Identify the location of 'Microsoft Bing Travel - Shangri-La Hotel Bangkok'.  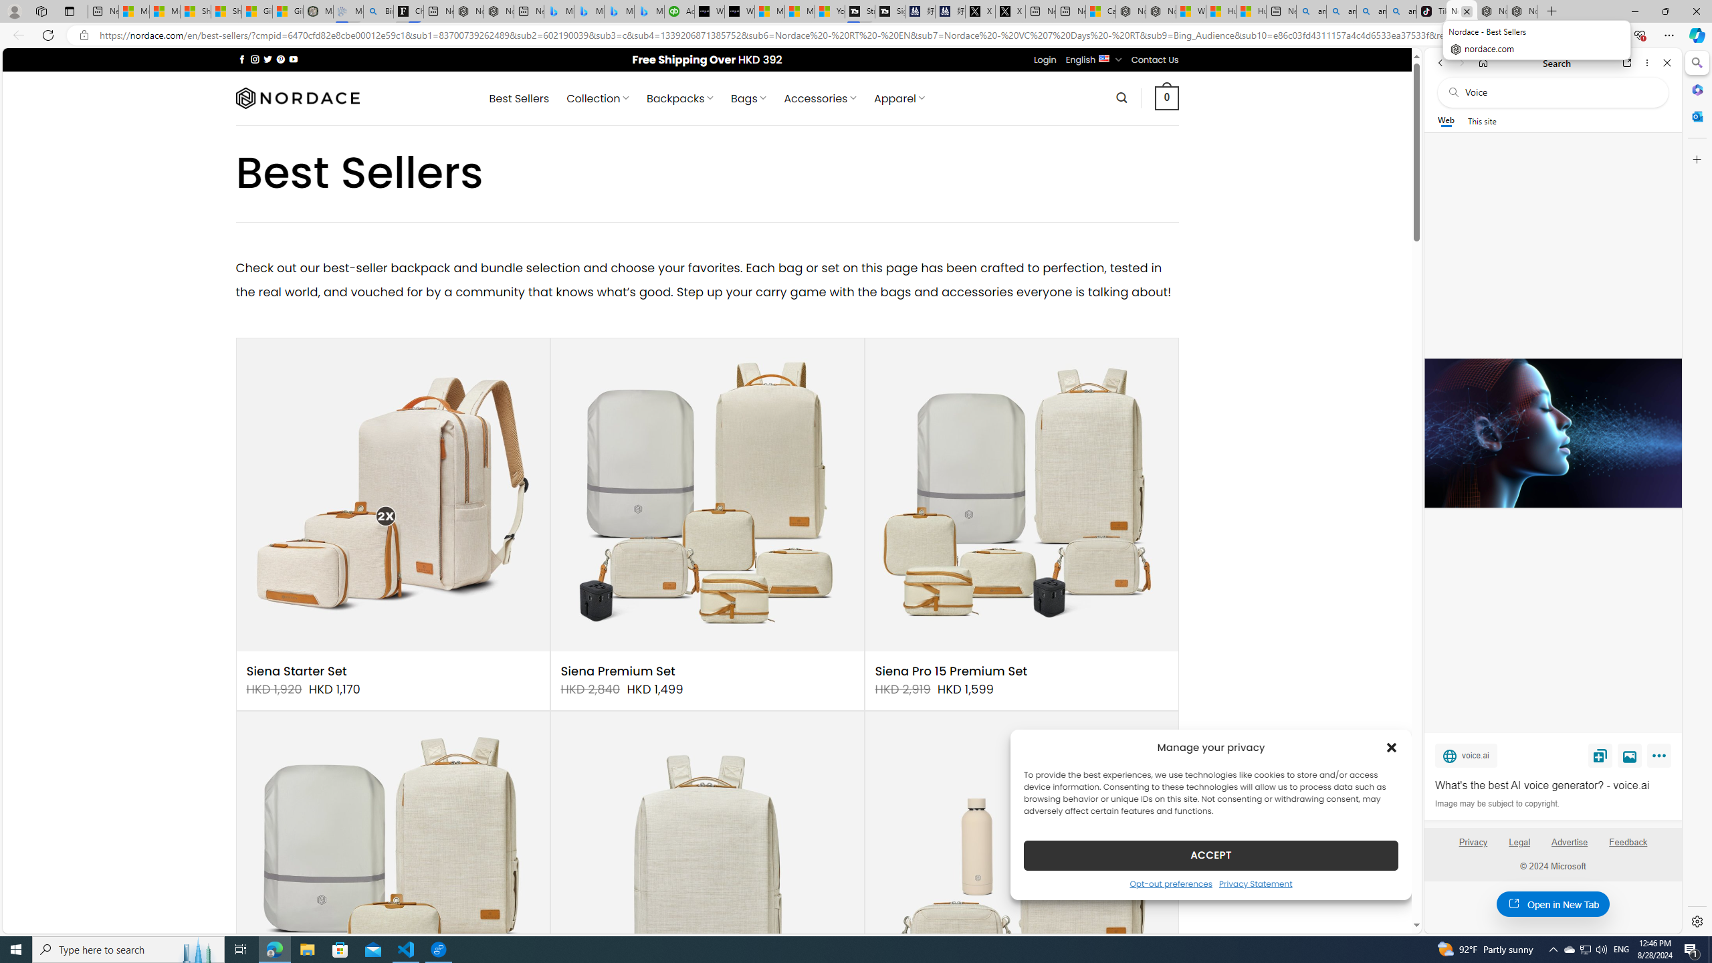
(649, 11).